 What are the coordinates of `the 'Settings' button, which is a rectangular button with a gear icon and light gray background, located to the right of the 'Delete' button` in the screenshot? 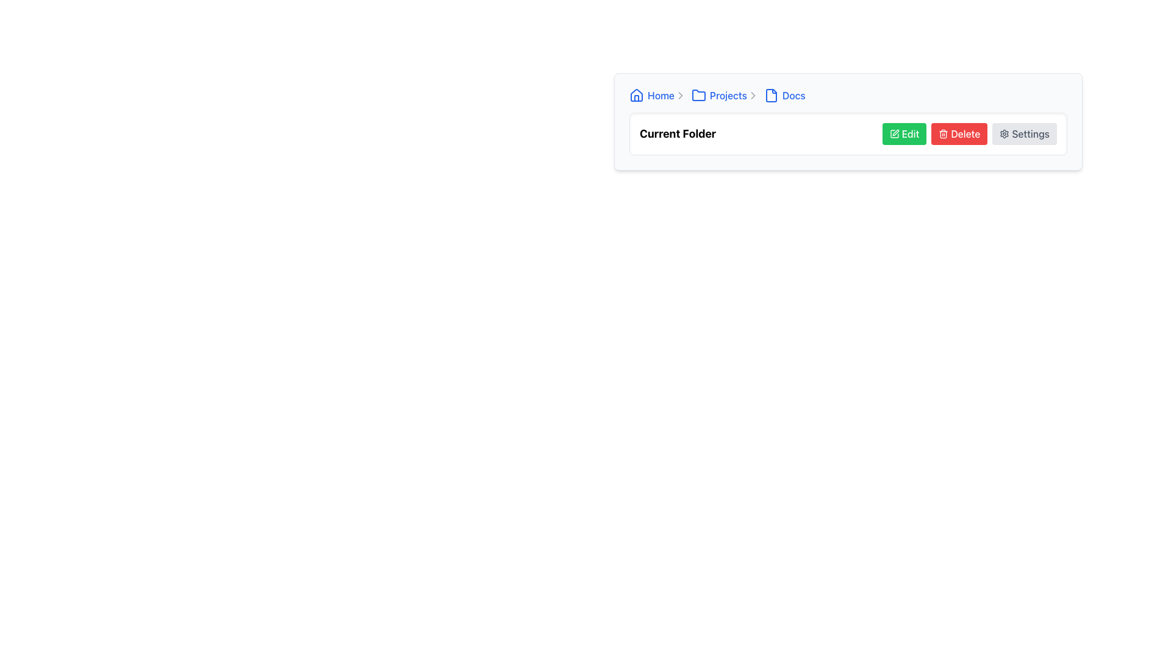 It's located at (1025, 133).